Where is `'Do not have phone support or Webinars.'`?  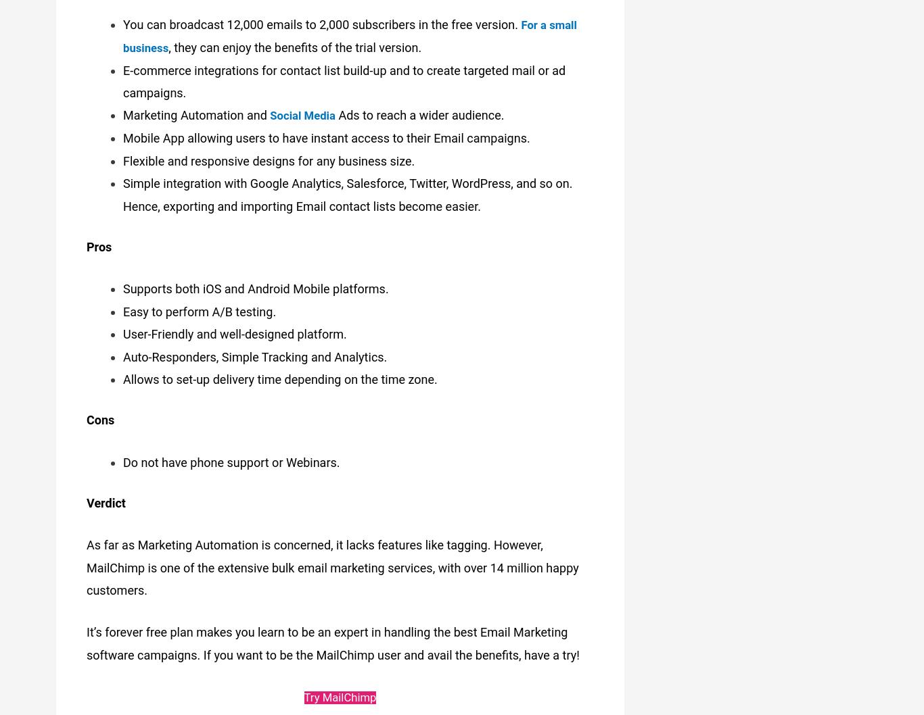 'Do not have phone support or Webinars.' is located at coordinates (231, 457).